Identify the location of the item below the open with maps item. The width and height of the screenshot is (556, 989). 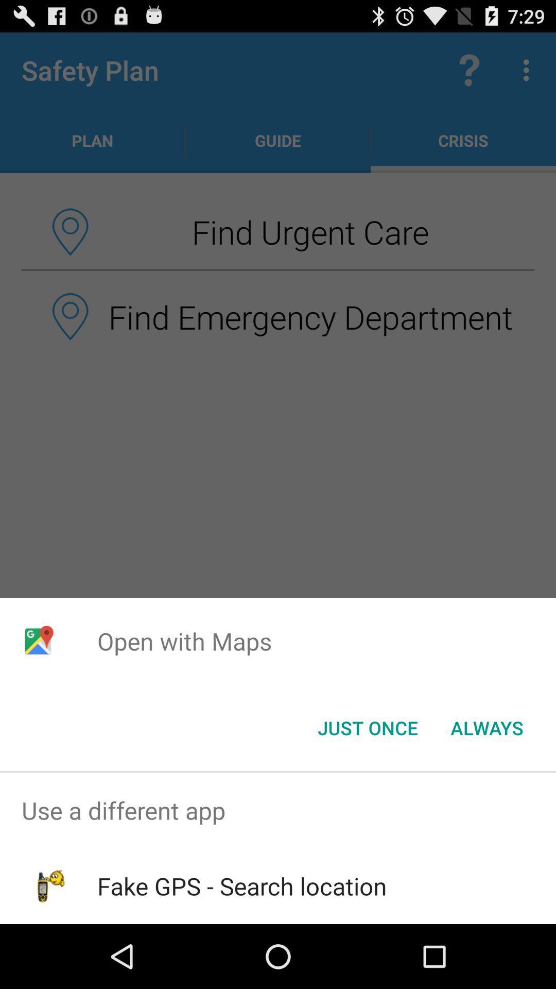
(367, 727).